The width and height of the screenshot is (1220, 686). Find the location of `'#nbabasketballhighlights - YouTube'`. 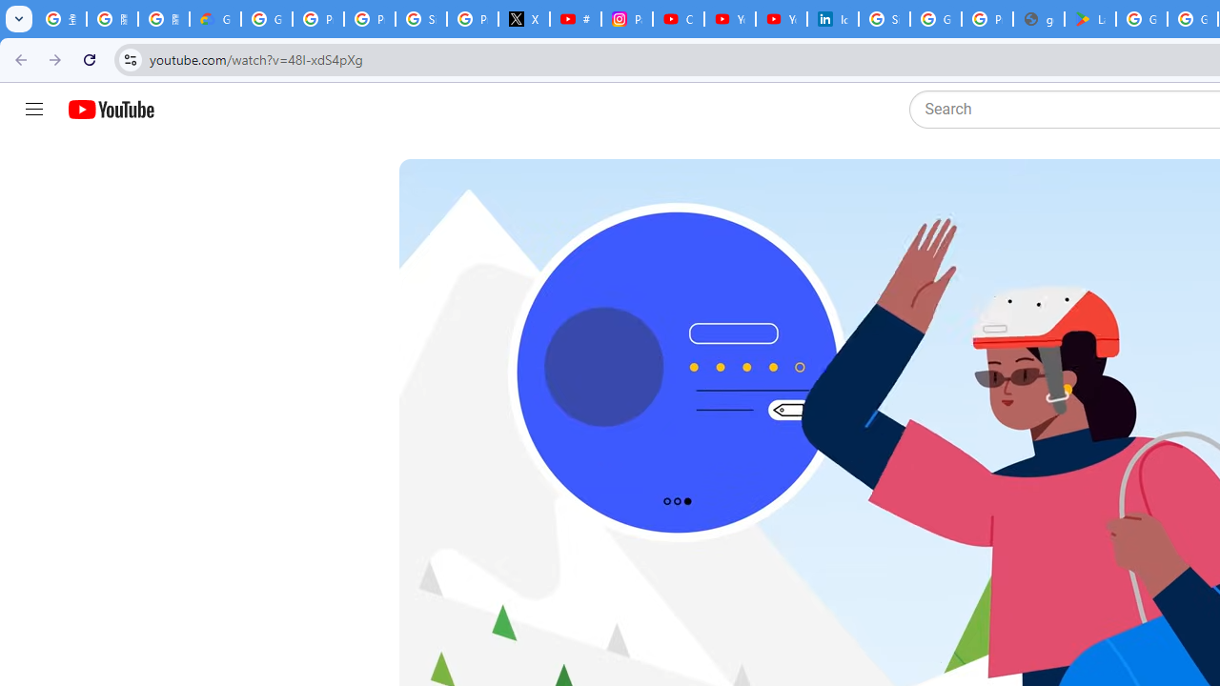

'#nbabasketballhighlights - YouTube' is located at coordinates (575, 19).